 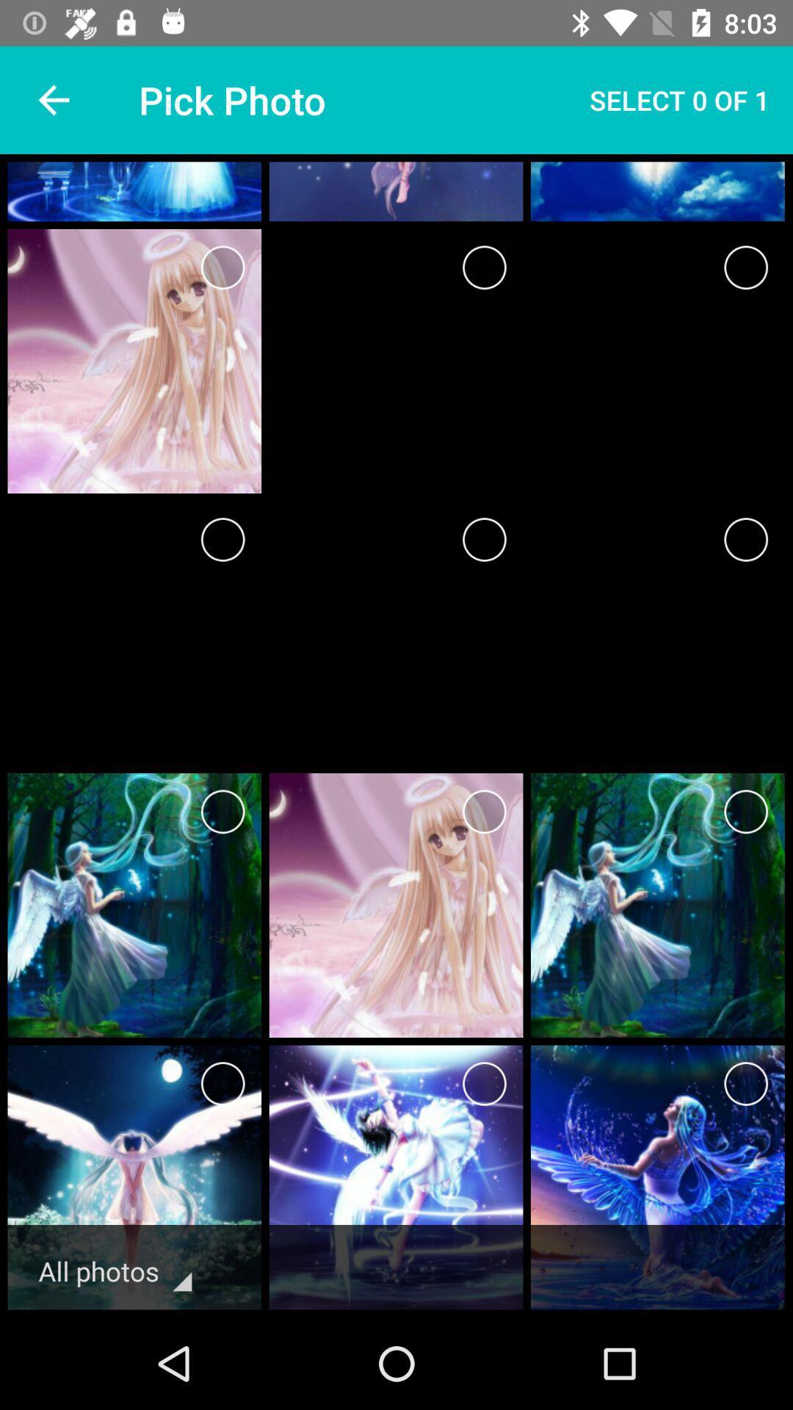 I want to click on image, so click(x=746, y=811).